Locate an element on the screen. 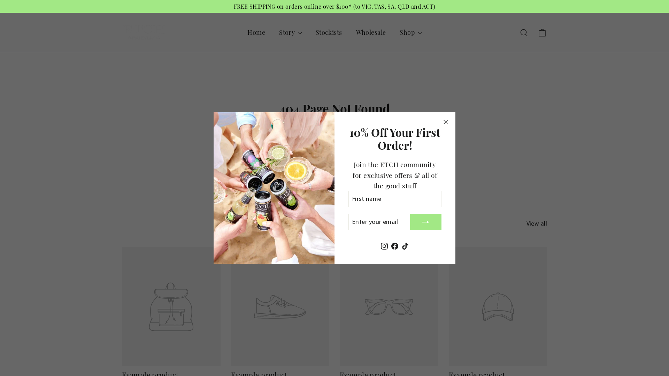 Image resolution: width=669 pixels, height=376 pixels. 'Stockists' is located at coordinates (329, 32).